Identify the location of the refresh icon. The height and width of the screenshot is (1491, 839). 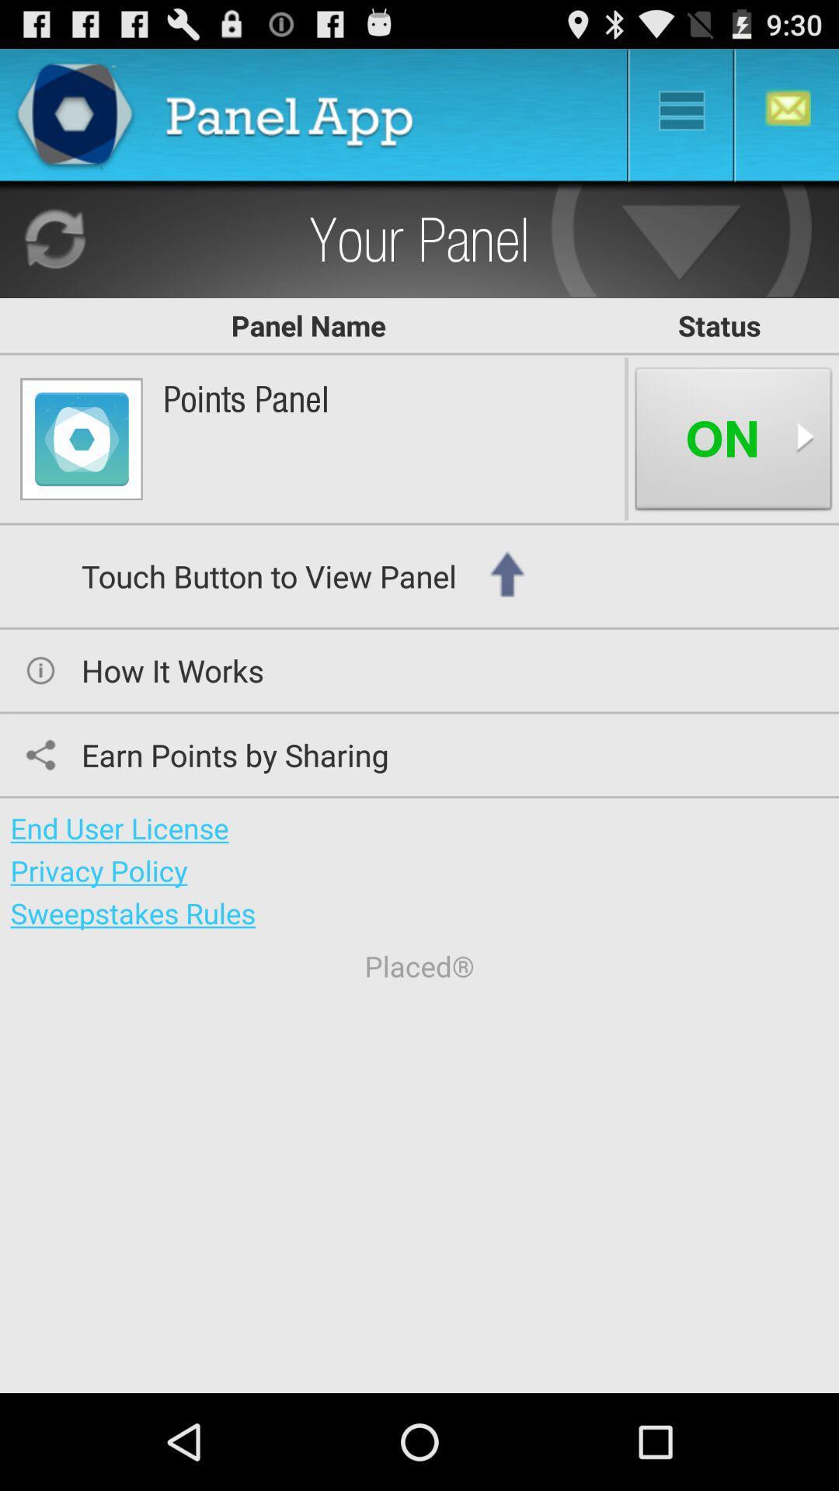
(56, 255).